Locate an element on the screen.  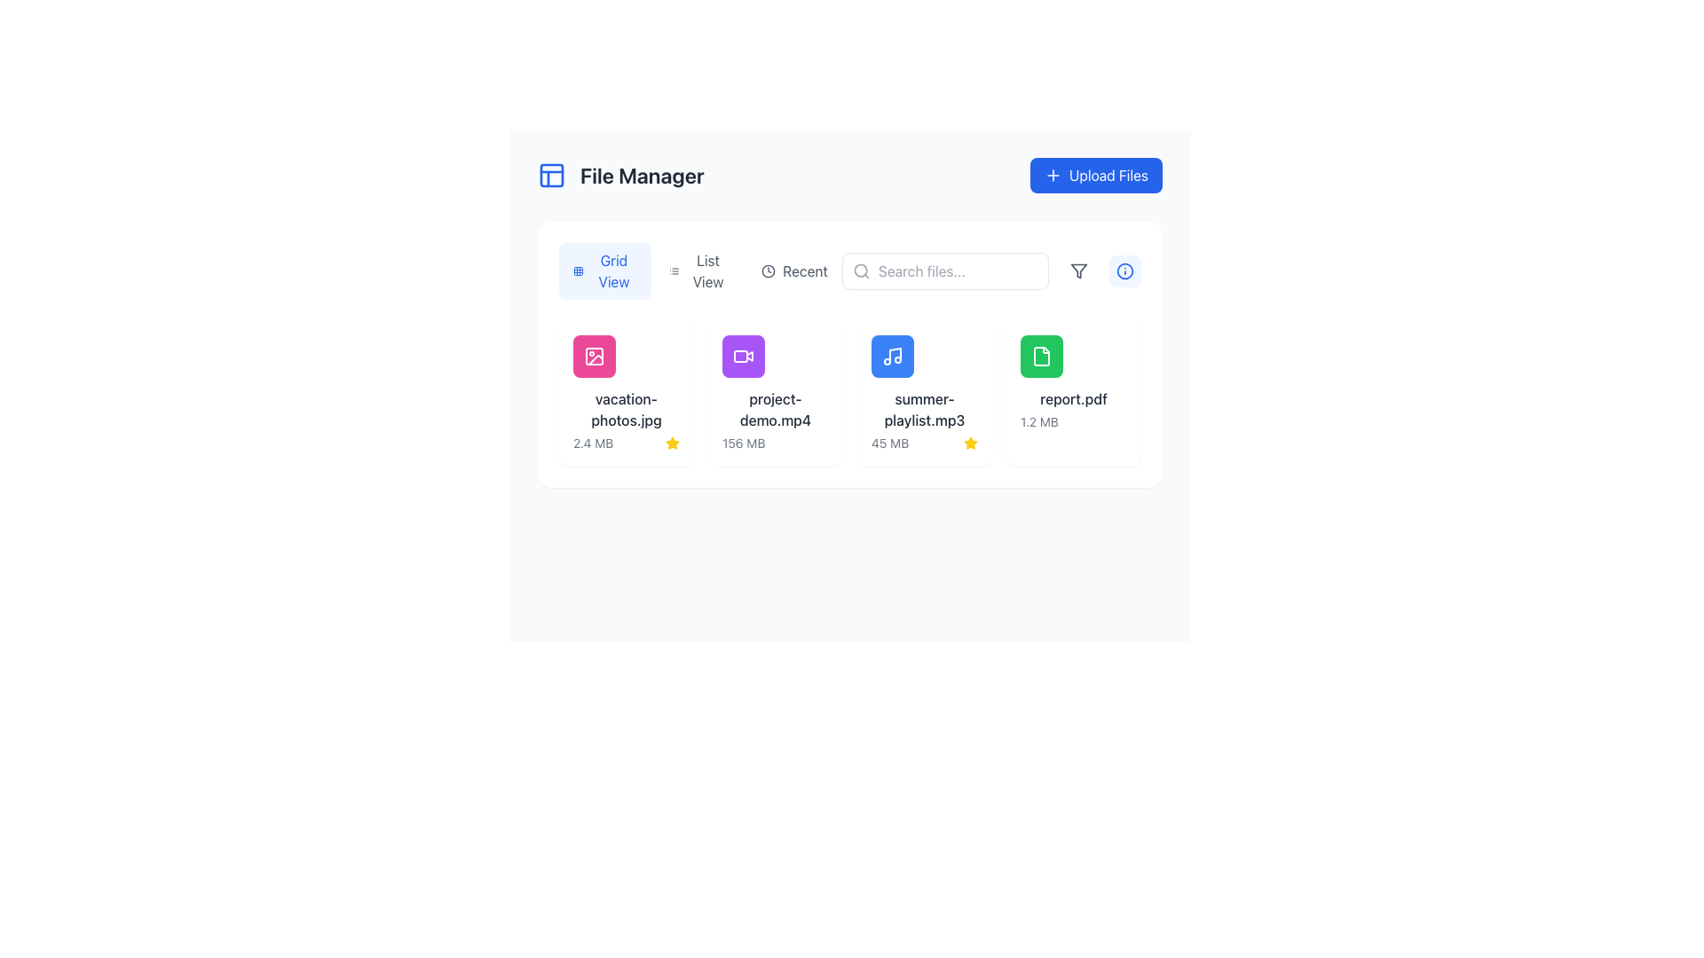
the first button in the horizontal group of three buttons to switch the file display mode to grid view is located at coordinates (604, 271).